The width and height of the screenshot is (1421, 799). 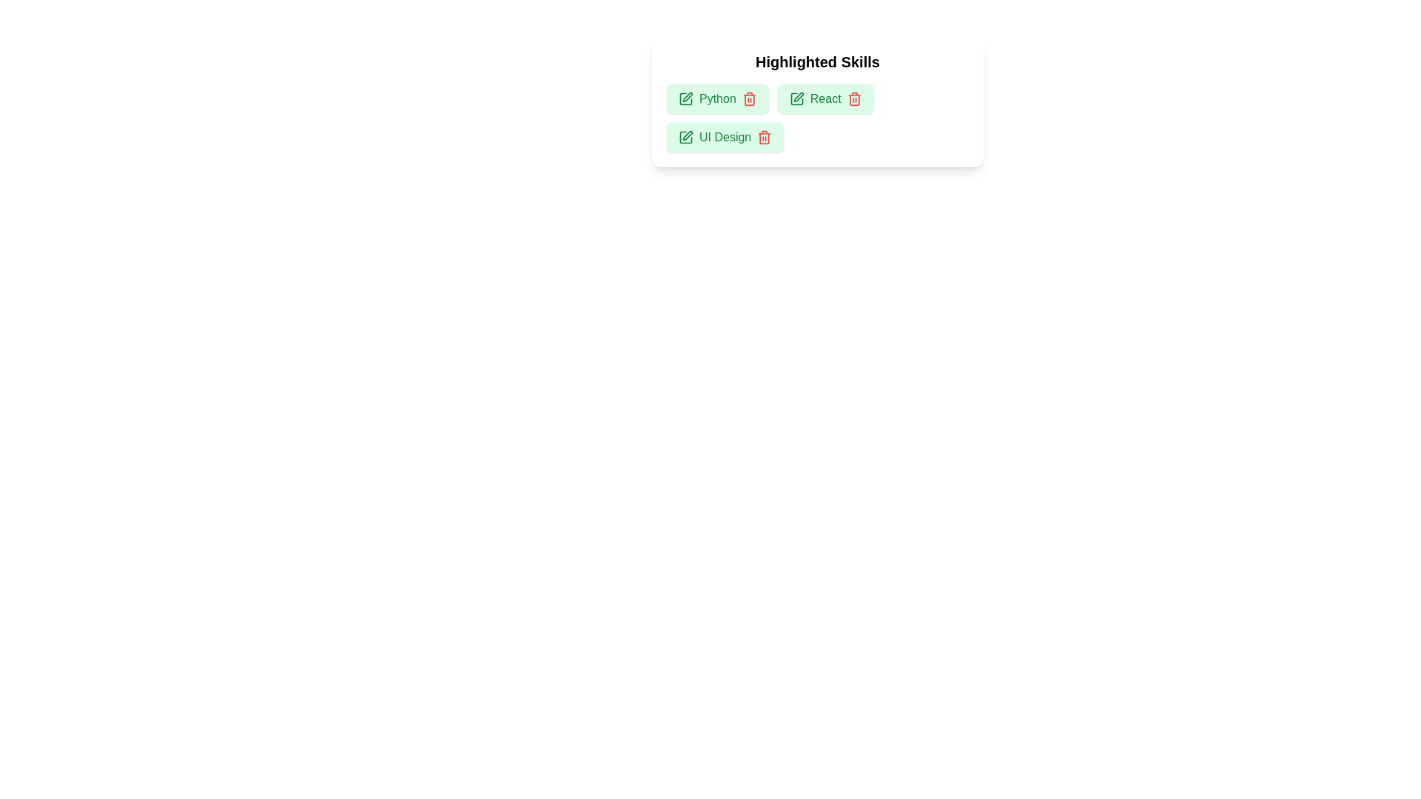 What do you see at coordinates (717, 99) in the screenshot?
I see `the skill Python to inspect the UI reaction` at bounding box center [717, 99].